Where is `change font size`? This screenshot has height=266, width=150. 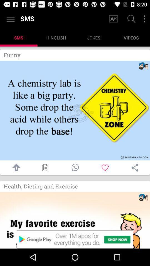 change font size is located at coordinates (113, 19).